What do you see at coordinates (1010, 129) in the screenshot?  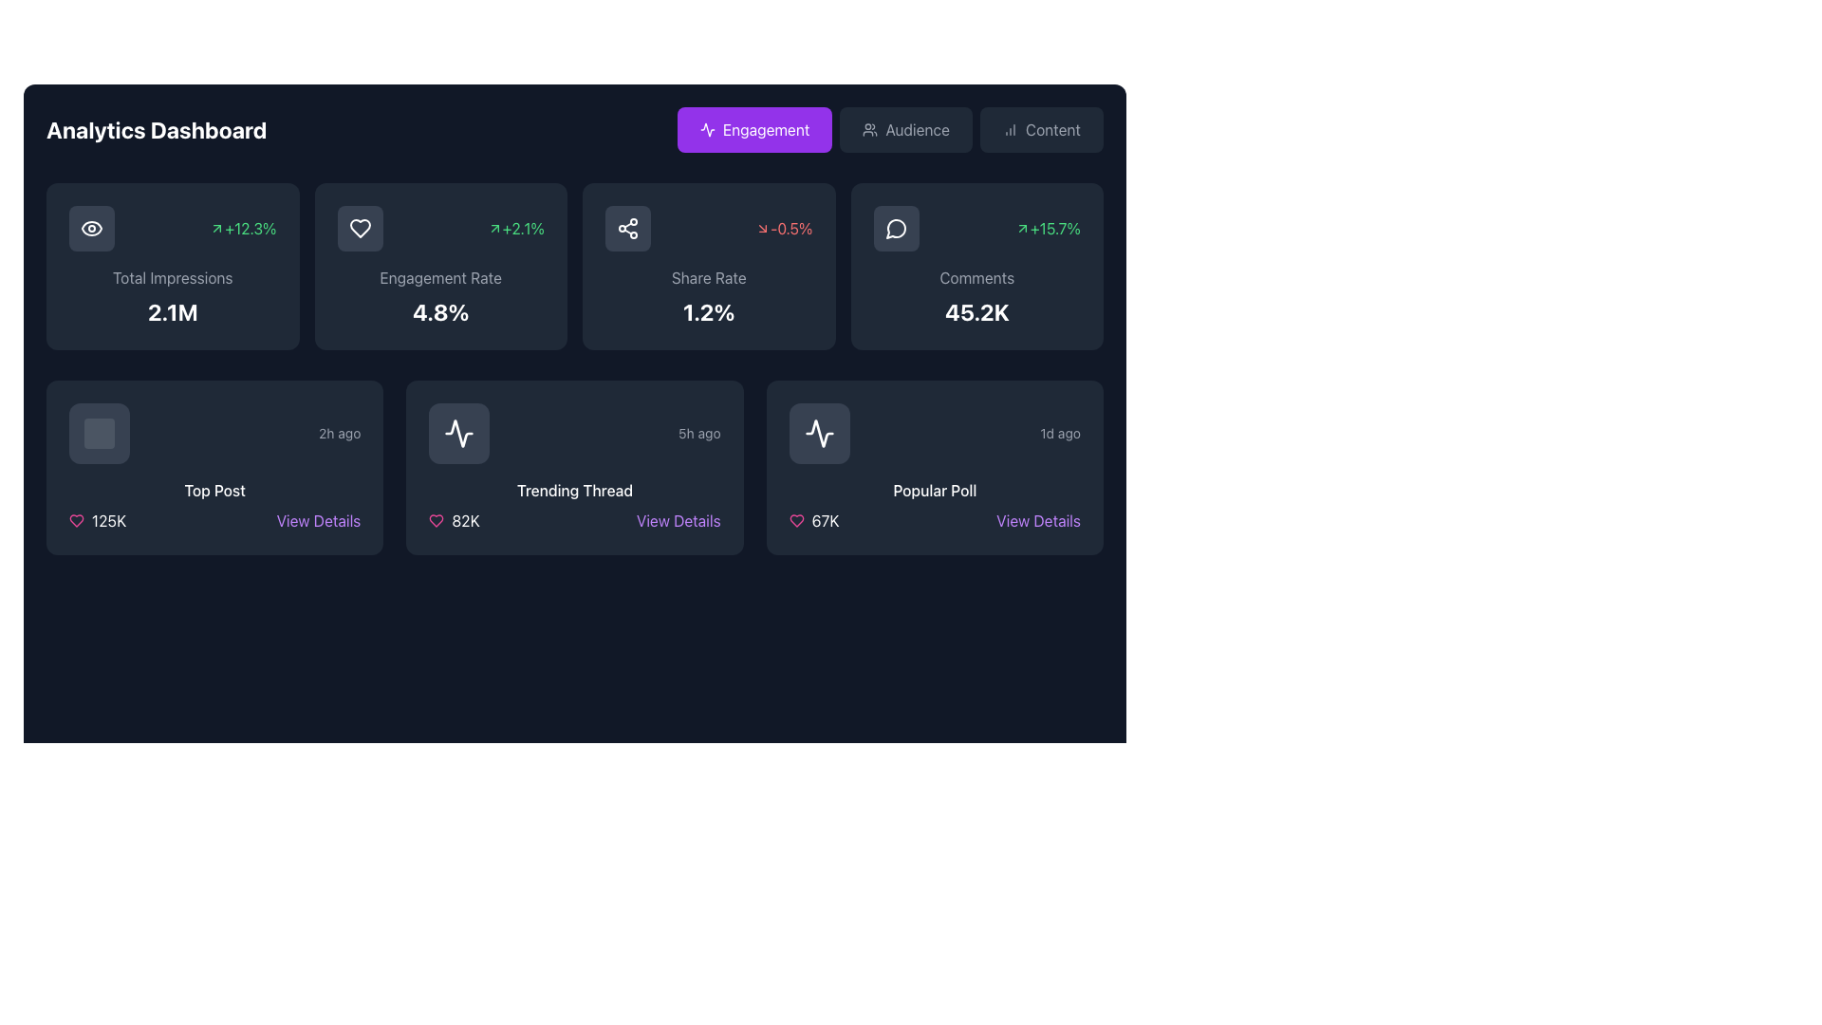 I see `the vertical bar chart icon located within the 'Content' button in the top-right section of the interface, which serves as a visual indicator for the button's purpose` at bounding box center [1010, 129].